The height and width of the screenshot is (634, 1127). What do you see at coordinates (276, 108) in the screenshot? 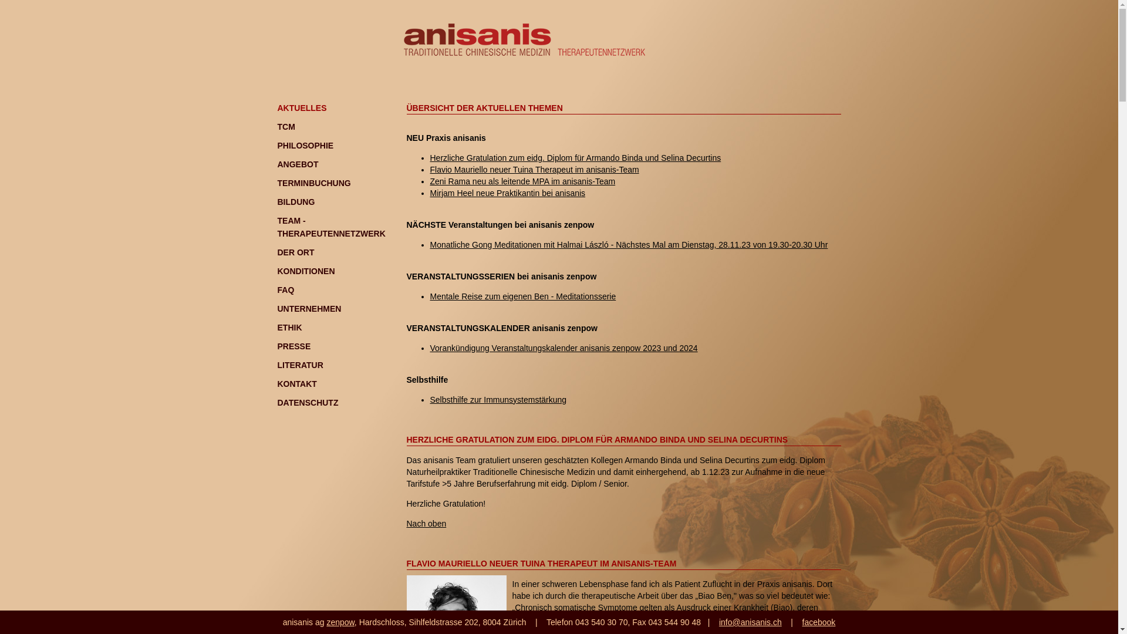
I see `'AKTUELLES'` at bounding box center [276, 108].